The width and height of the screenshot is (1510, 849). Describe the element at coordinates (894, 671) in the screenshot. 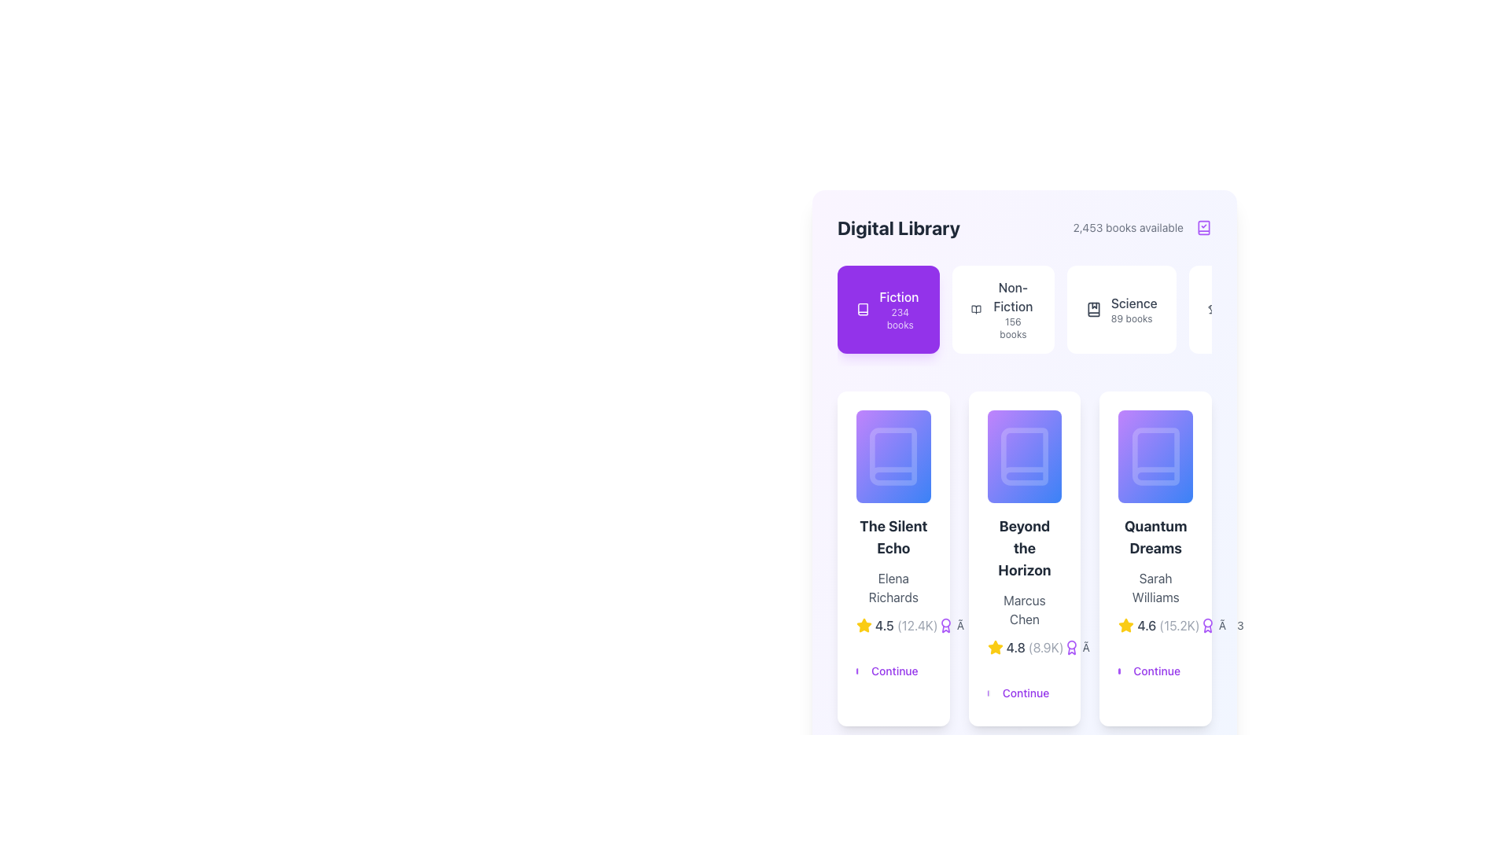

I see `the 'Continue' button, which is styled with a sans-serif font in purple color, located at the bottom of the card for the book 'The Silent Echo'` at that location.